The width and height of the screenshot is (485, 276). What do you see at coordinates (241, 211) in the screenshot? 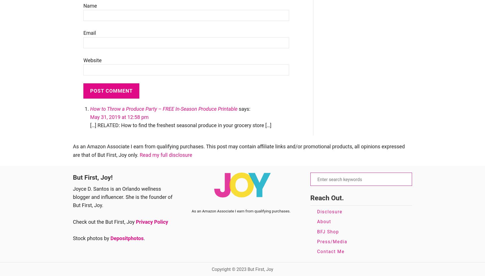
I see `'As an Amazon Associate I earn from qualifying purchases.'` at bounding box center [241, 211].